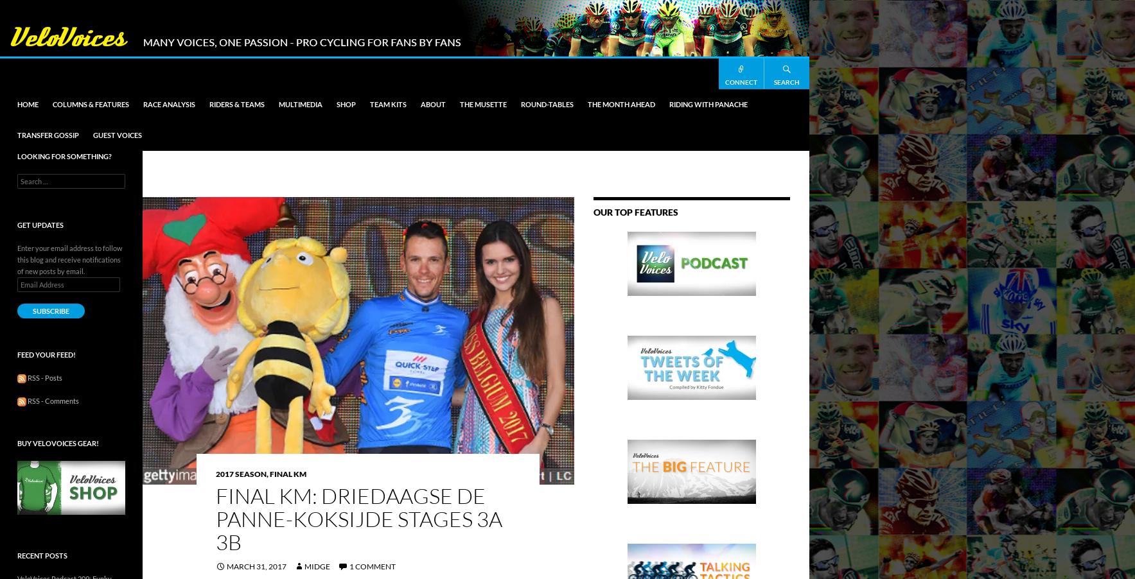 The height and width of the screenshot is (579, 1135). What do you see at coordinates (227, 566) in the screenshot?
I see `'March 31, 2017'` at bounding box center [227, 566].